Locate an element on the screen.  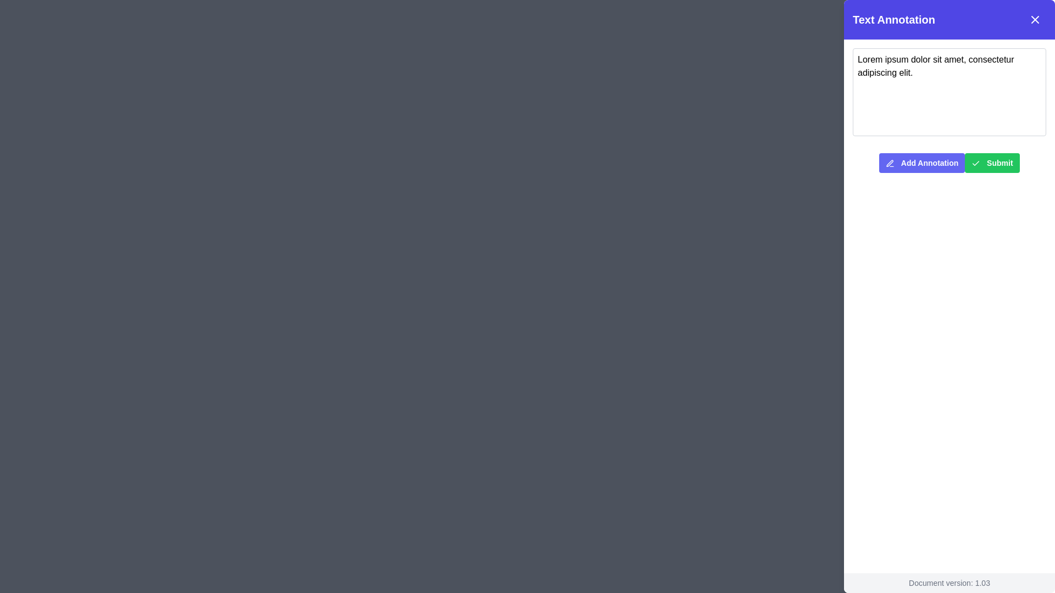
the close button located at the top-right corner of the 'Text Annotation' panel is located at coordinates (1034, 19).